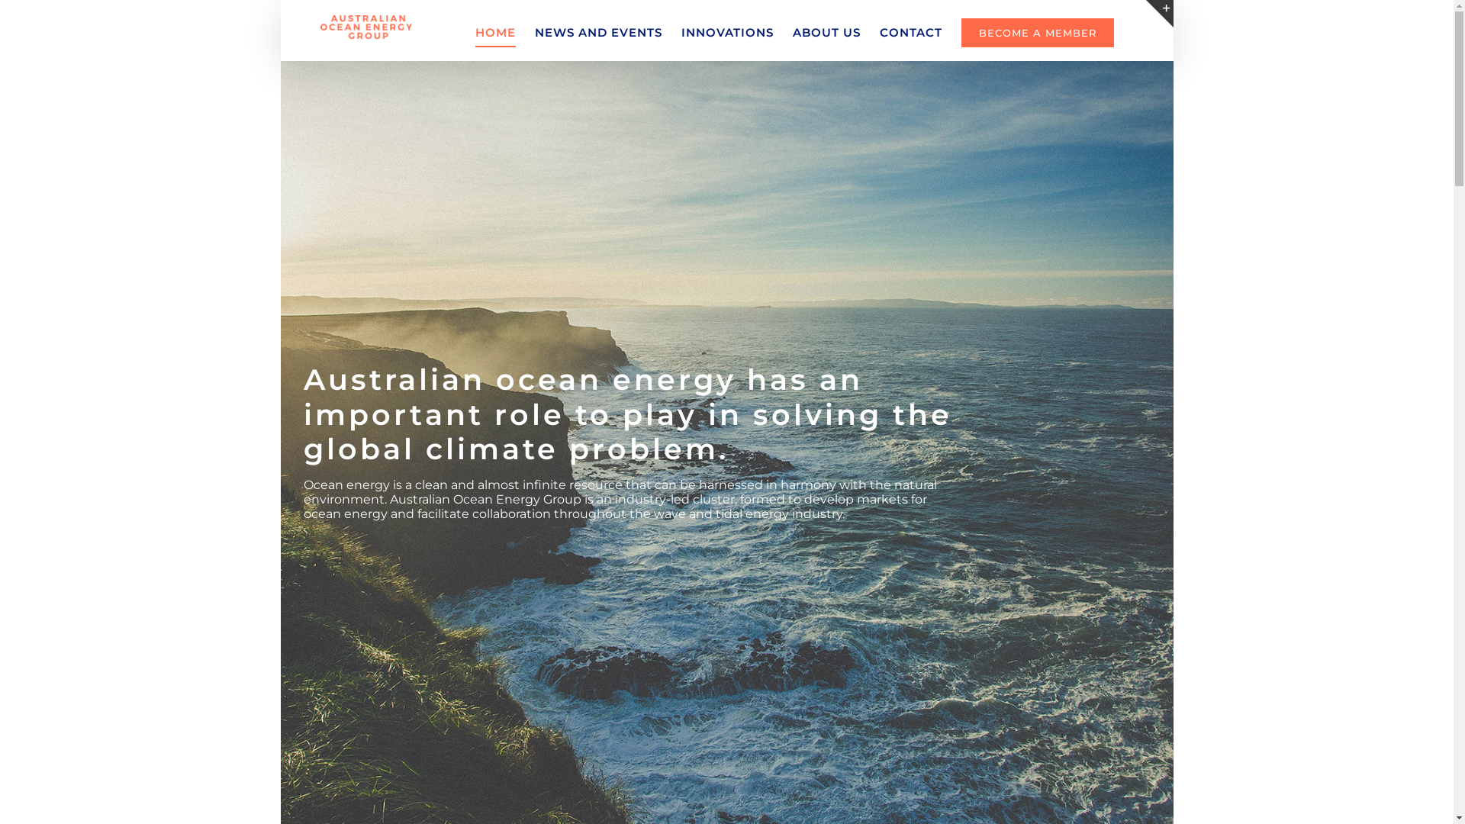 The width and height of the screenshot is (1465, 824). What do you see at coordinates (826, 32) in the screenshot?
I see `'ABOUT US'` at bounding box center [826, 32].